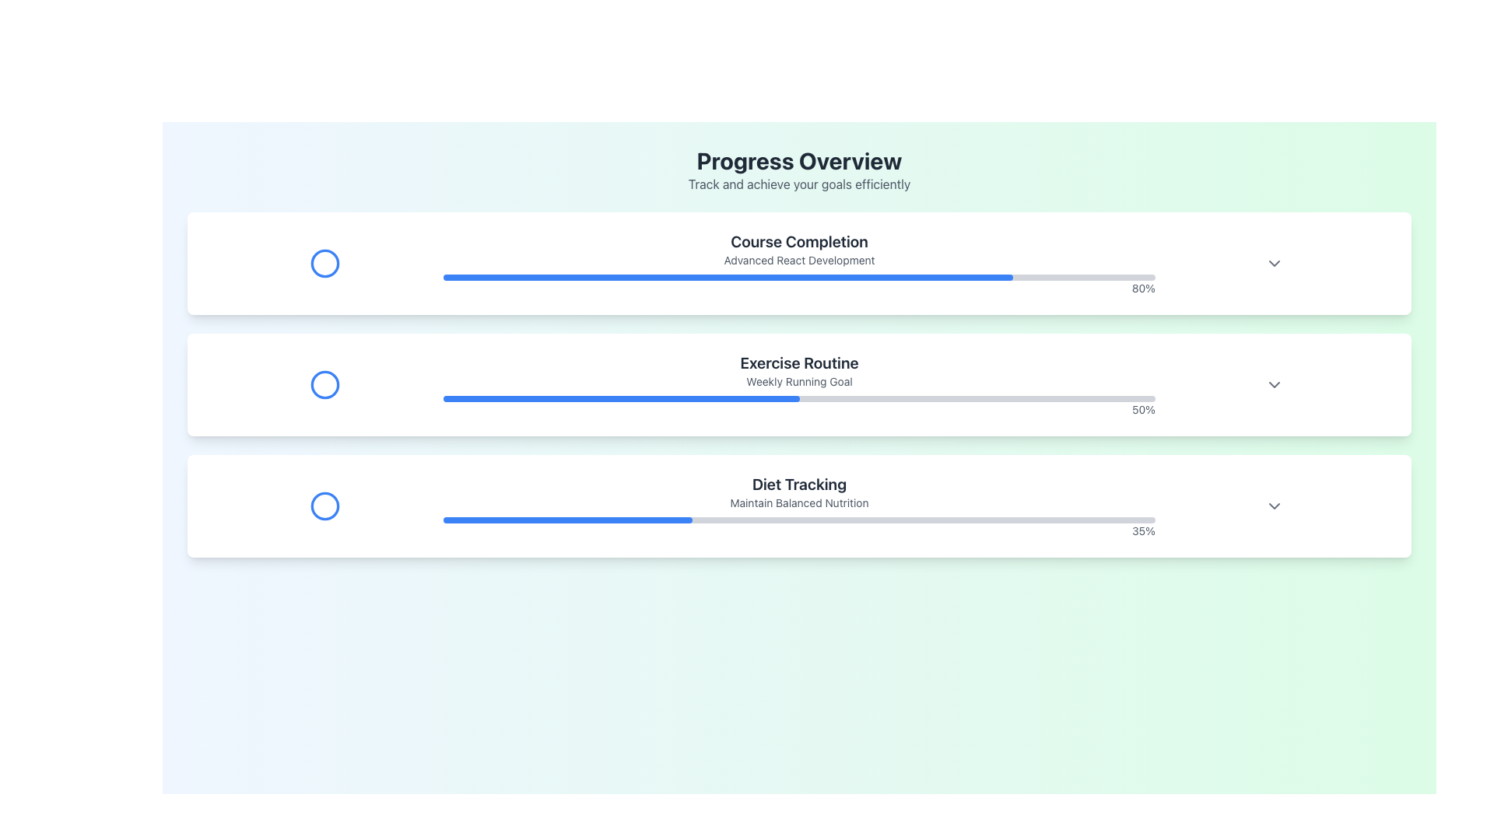 The height and width of the screenshot is (840, 1494). Describe the element at coordinates (728, 277) in the screenshot. I see `the blue progress bar indicating 80% completion of the 'Course Completion' task under the title 'Advanced React Development'` at that location.